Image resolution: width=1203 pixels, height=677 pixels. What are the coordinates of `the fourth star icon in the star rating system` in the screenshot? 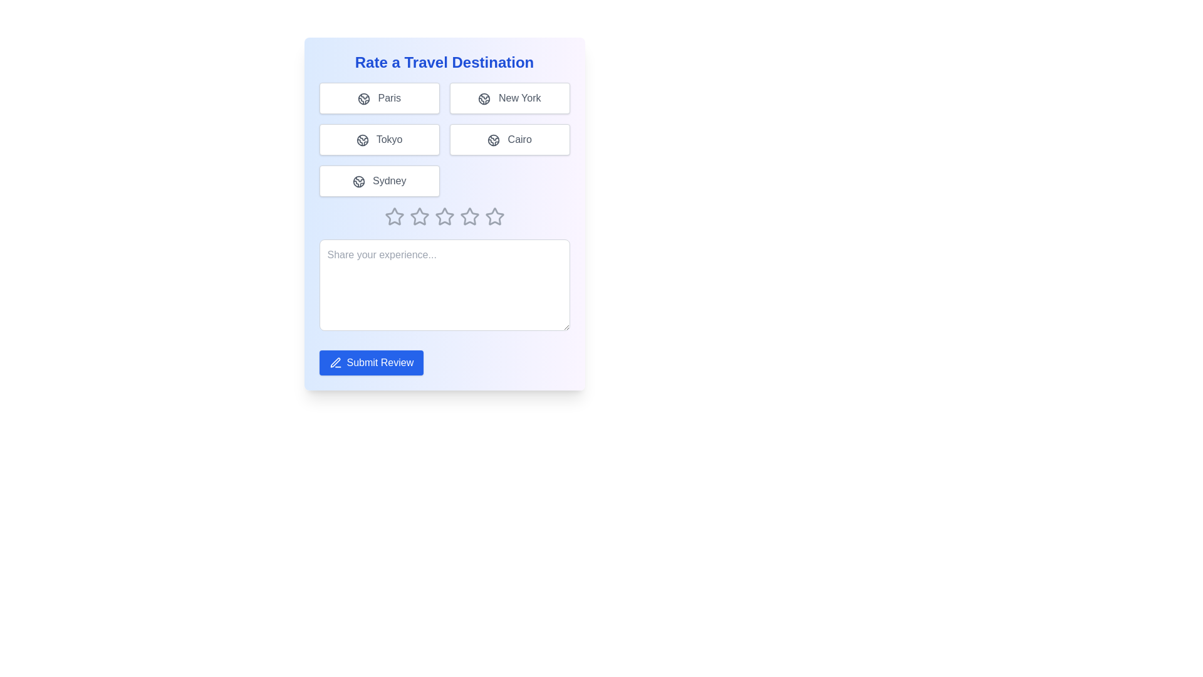 It's located at (444, 216).